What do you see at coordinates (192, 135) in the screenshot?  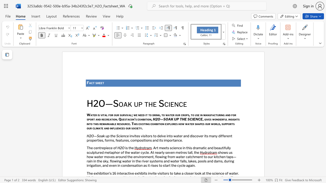 I see `the subset text "iscover its many diffe" within the text "invites visitors to delve into water and discover its many different properties, forms, features,"` at bounding box center [192, 135].